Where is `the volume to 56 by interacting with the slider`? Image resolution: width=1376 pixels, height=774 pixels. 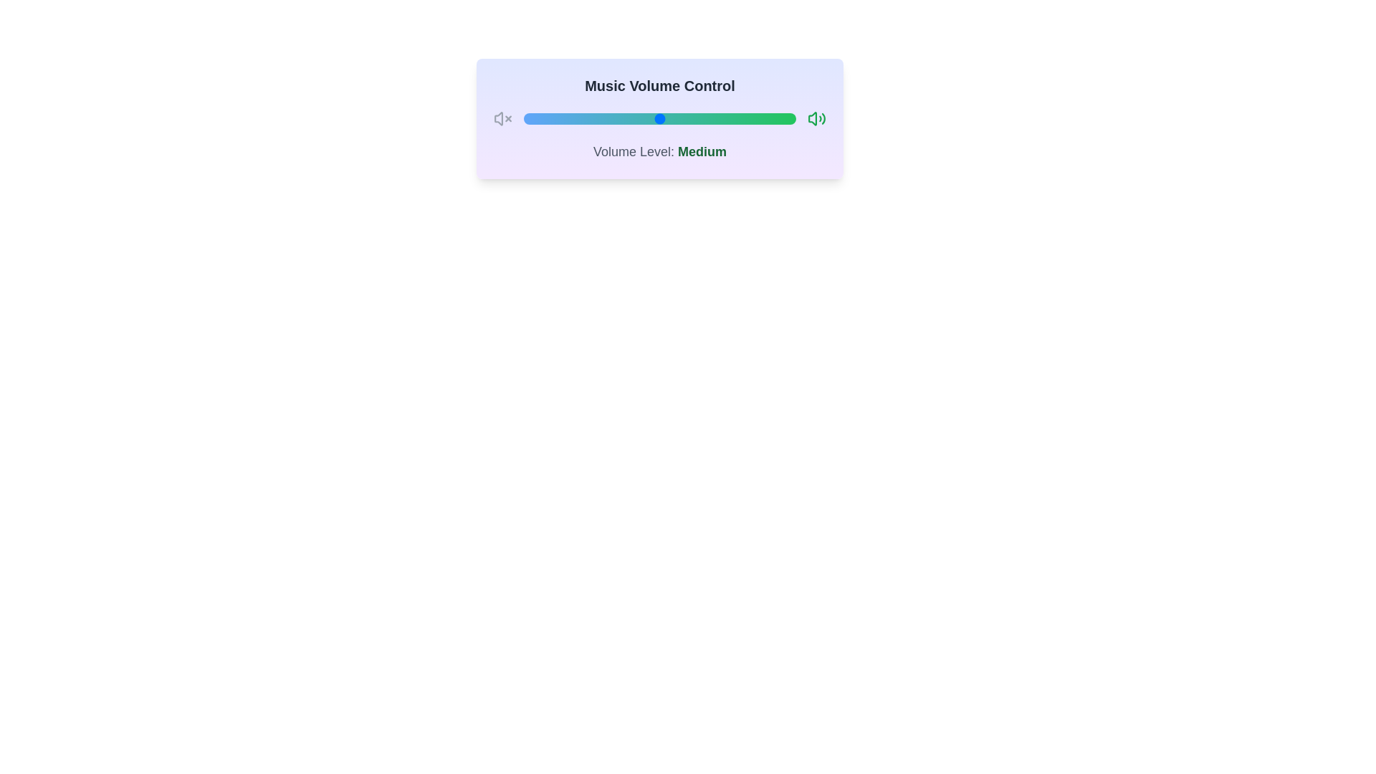 the volume to 56 by interacting with the slider is located at coordinates (675, 118).